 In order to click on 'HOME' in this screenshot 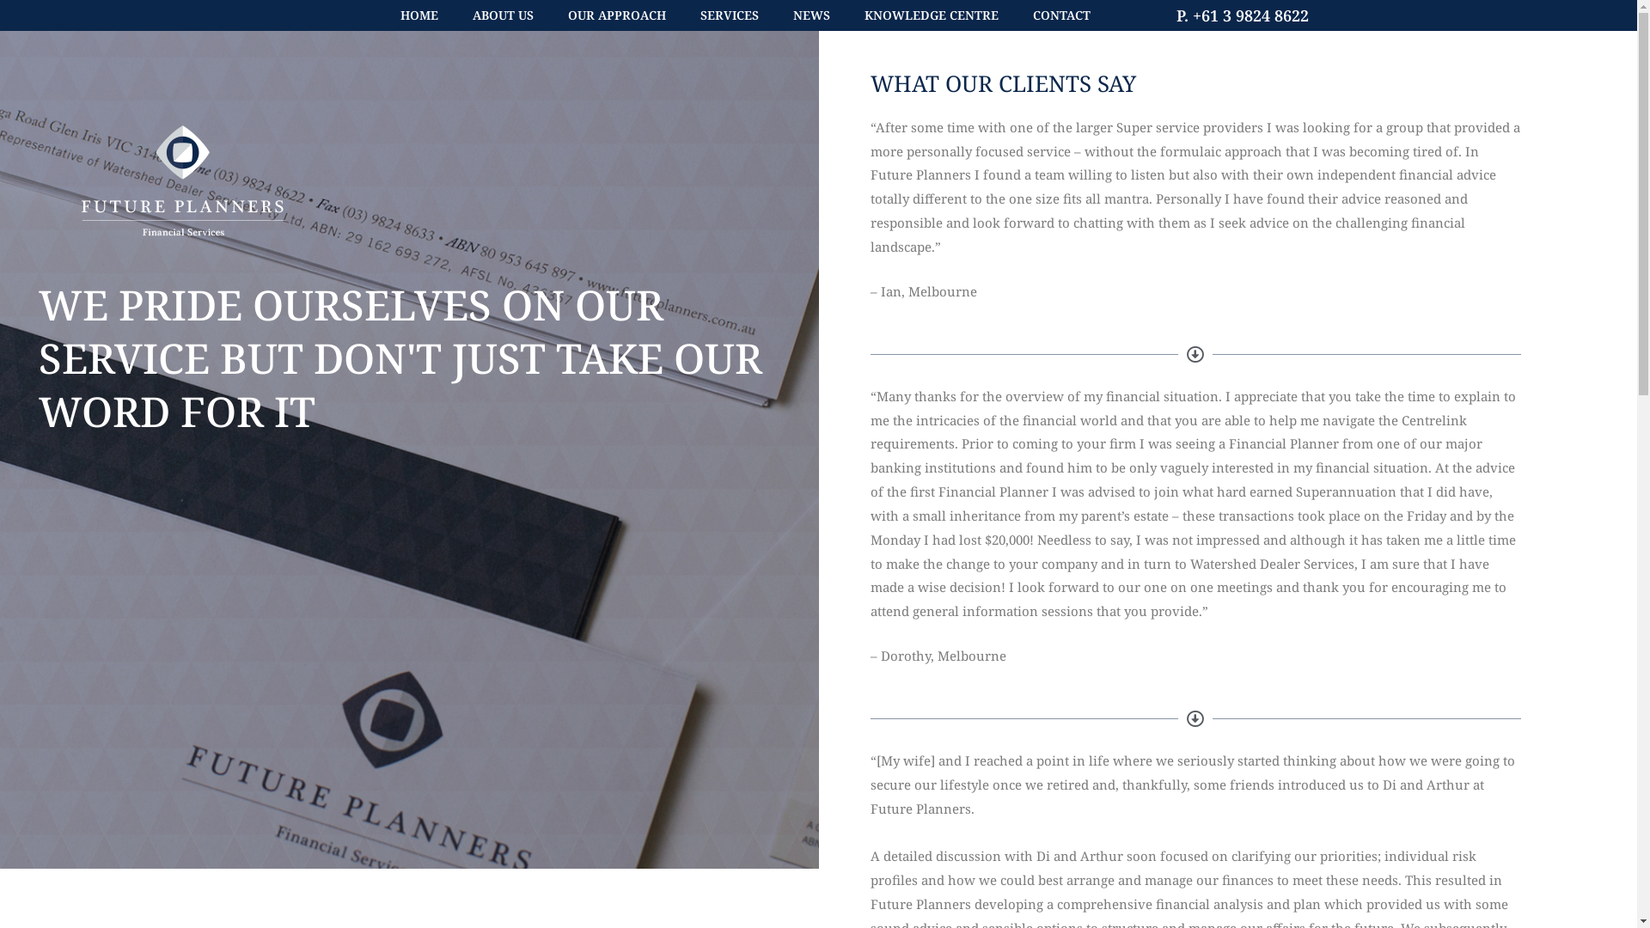, I will do `click(419, 15)`.